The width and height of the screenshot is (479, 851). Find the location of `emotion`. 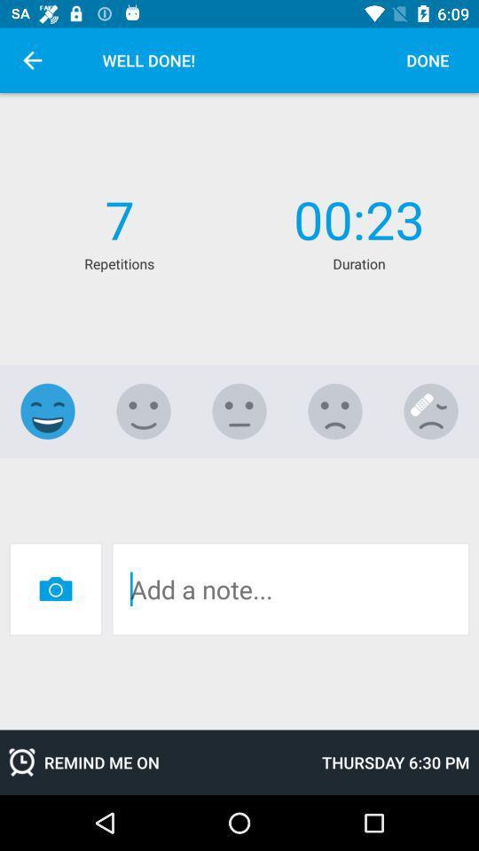

emotion is located at coordinates (48, 411).